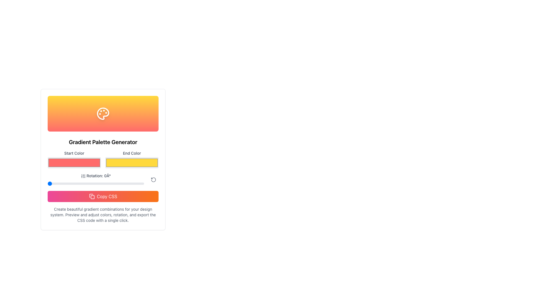 This screenshot has height=301, width=535. What do you see at coordinates (103, 196) in the screenshot?
I see `the 'Copy CSS' button with a gradient background transitioning from pink to orange, located at the bottom of the card-like UI structure, to copy the CSS` at bounding box center [103, 196].